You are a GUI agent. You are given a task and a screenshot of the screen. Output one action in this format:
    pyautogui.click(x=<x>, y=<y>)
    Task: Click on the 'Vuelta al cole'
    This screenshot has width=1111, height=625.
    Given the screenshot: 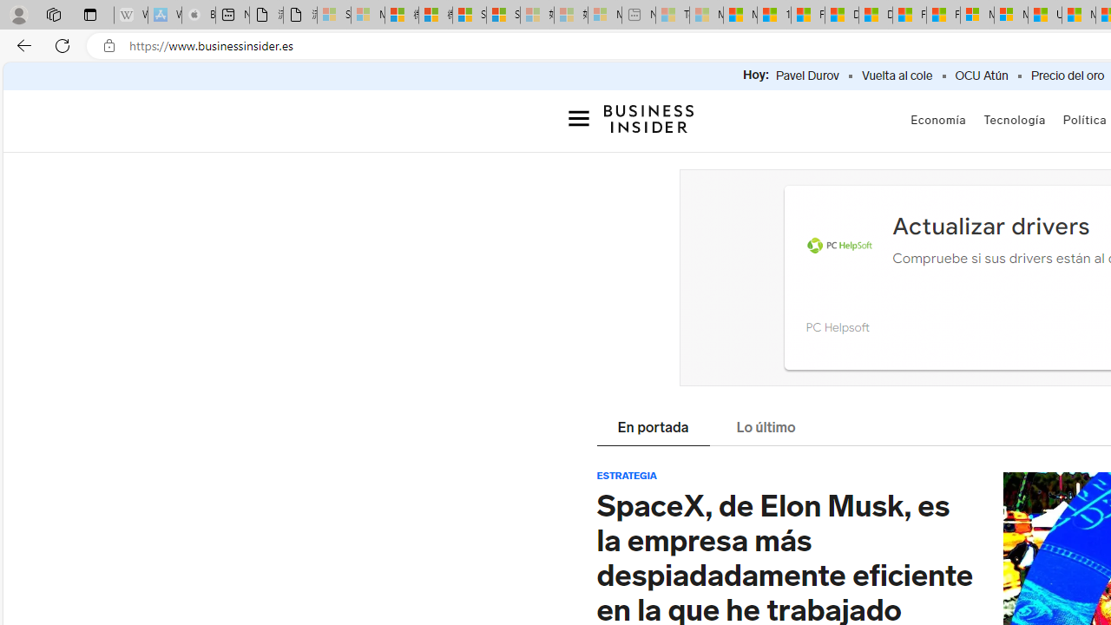 What is the action you would take?
    pyautogui.click(x=897, y=76)
    